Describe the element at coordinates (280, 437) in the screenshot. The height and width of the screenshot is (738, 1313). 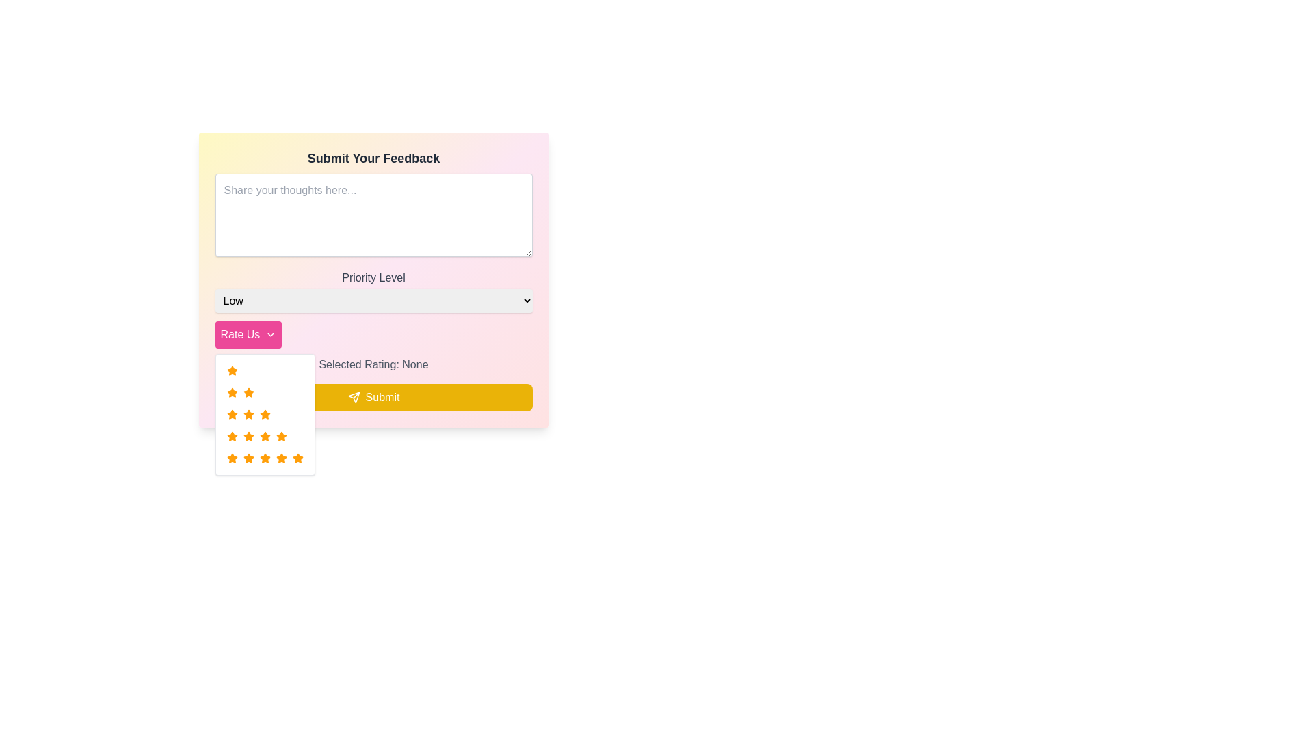
I see `the star-shaped icon with a bright orange fill and border, located in the sixth column of the fourth row in the grid layout below the 'Rate Us' button` at that location.